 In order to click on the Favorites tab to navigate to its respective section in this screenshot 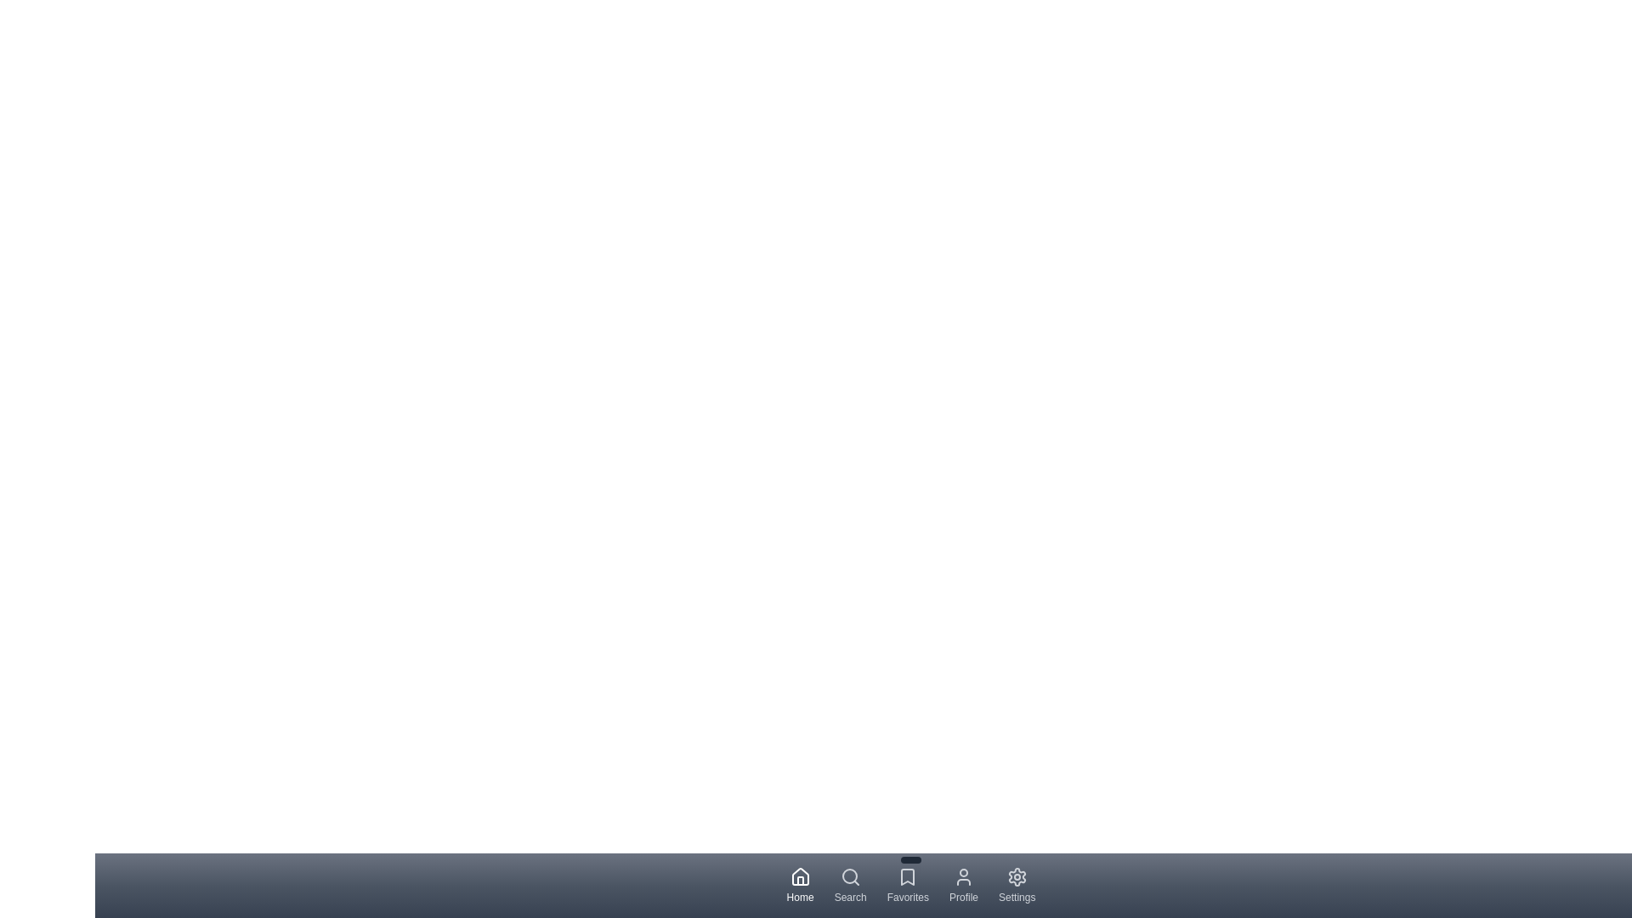, I will do `click(907, 884)`.